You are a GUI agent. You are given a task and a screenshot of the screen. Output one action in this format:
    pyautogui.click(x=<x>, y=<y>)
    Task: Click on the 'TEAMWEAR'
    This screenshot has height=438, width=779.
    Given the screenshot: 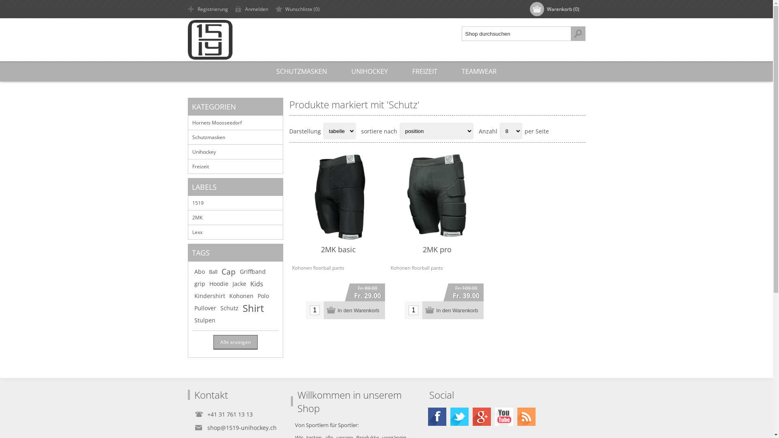 What is the action you would take?
    pyautogui.click(x=449, y=71)
    